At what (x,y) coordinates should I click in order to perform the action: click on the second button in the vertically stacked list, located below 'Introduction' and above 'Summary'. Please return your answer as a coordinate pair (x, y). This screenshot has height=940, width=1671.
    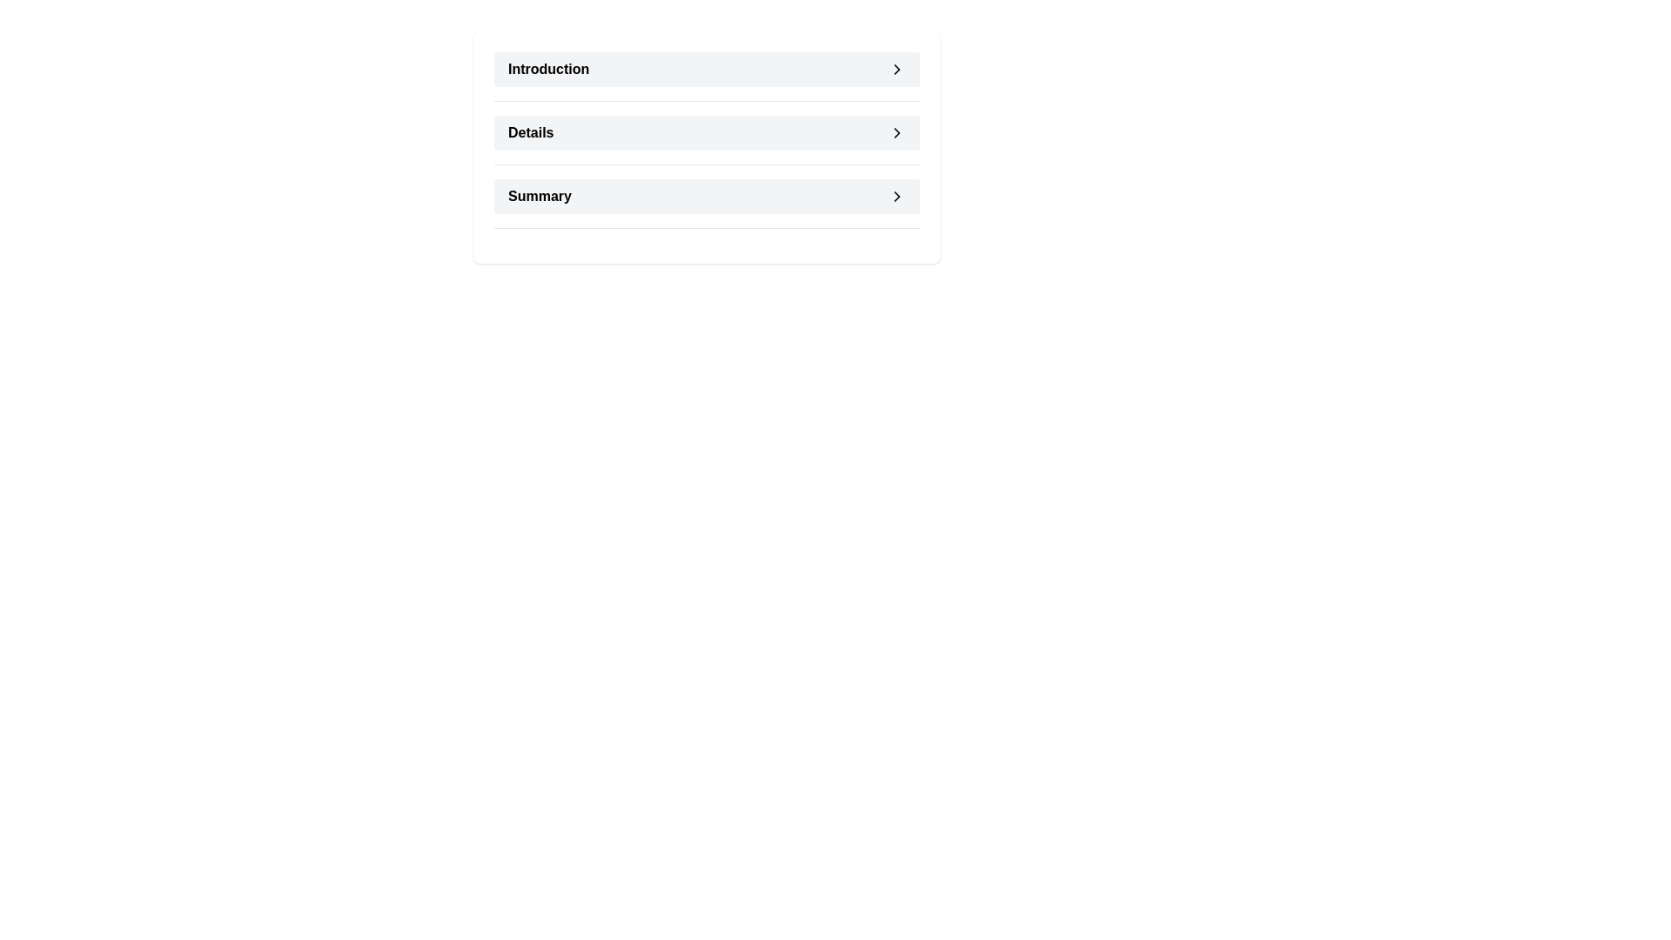
    Looking at the image, I should click on (707, 132).